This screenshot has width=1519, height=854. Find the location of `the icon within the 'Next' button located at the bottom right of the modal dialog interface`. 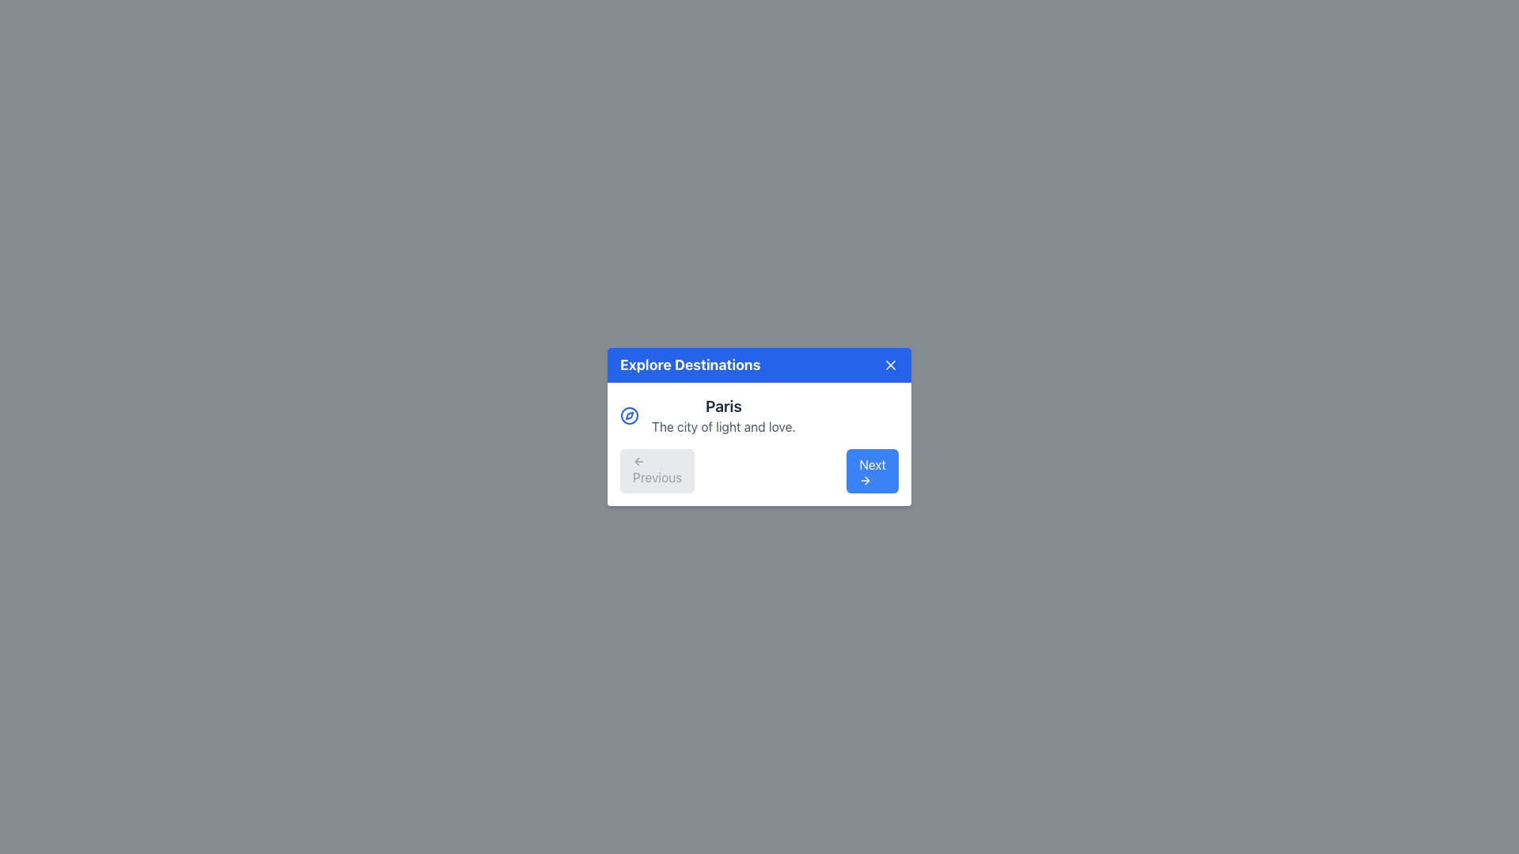

the icon within the 'Next' button located at the bottom right of the modal dialog interface is located at coordinates (865, 480).